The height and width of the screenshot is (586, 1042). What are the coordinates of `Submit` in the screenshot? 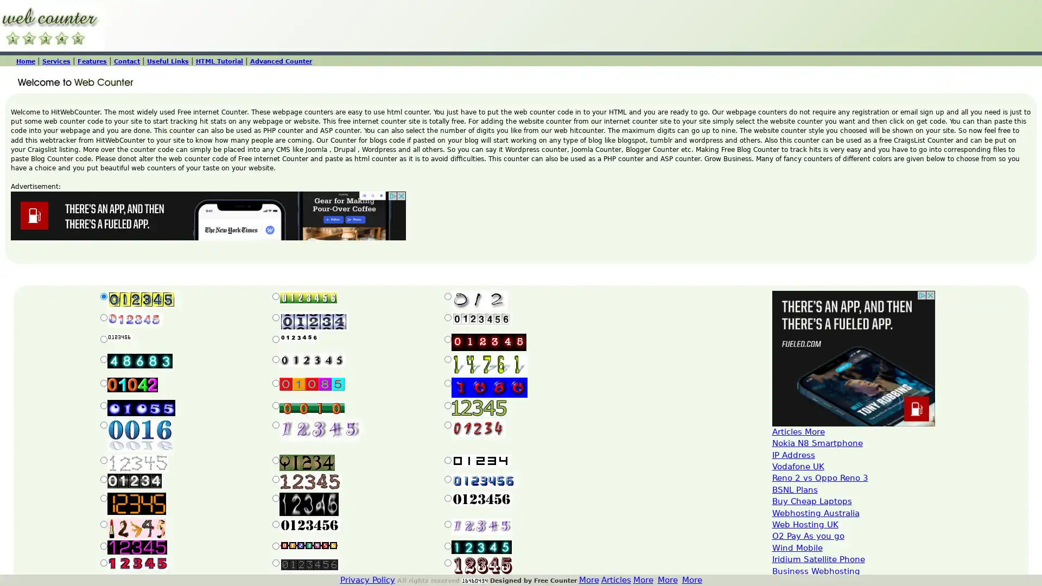 It's located at (137, 563).